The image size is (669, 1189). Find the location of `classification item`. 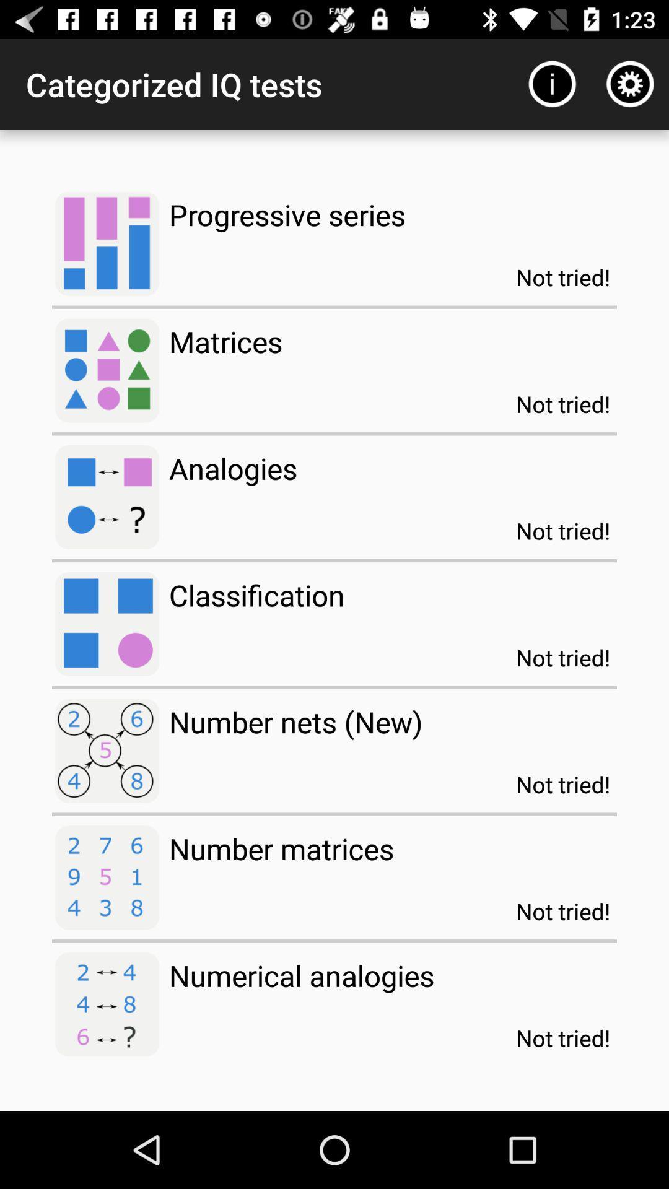

classification item is located at coordinates (256, 595).